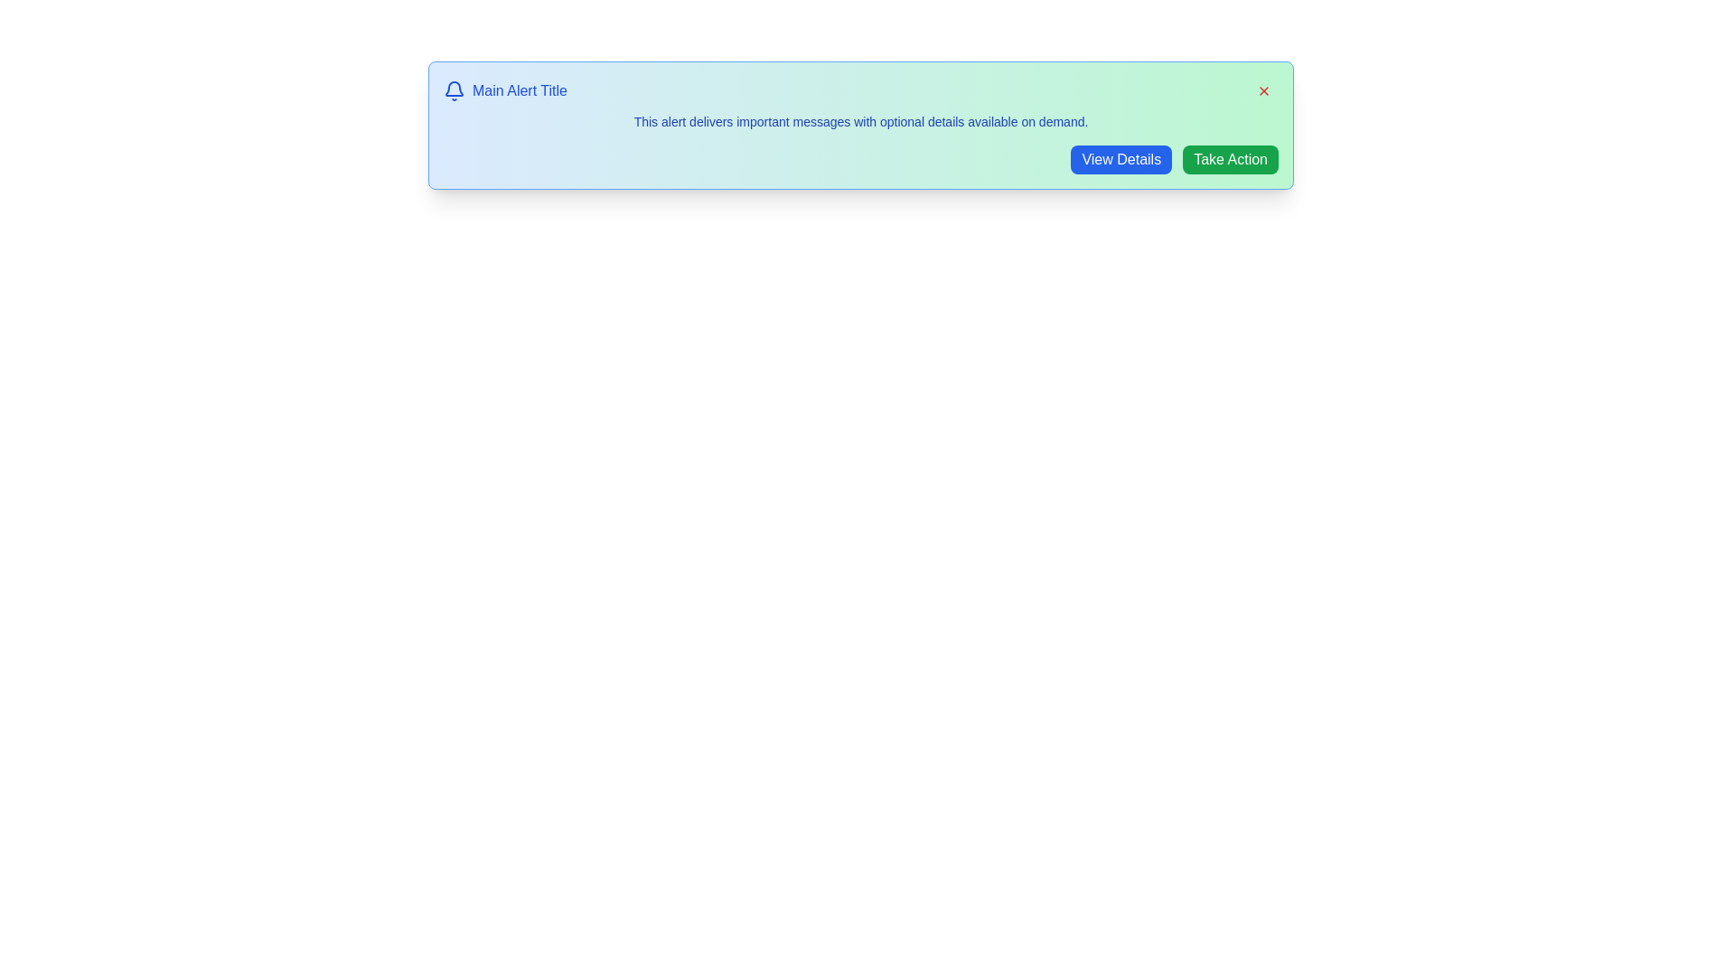  I want to click on close button to dismiss the alert, so click(1262, 90).